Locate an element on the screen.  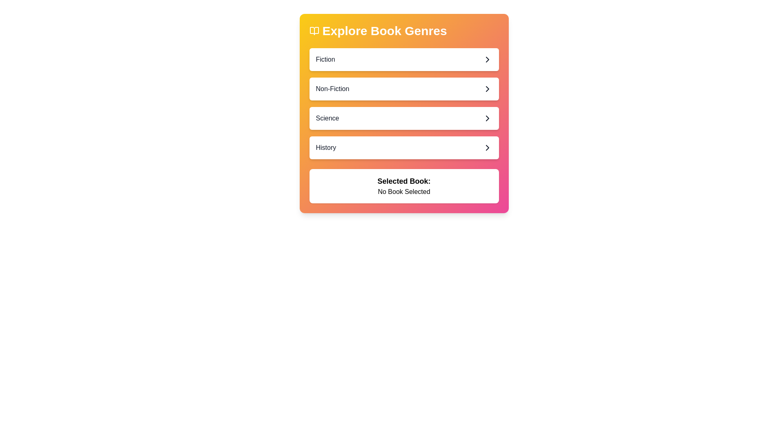
the fourth chevron icon in the vertical list within the 'Explore Book Genres' interface, located to the far-right of the 'History' row is located at coordinates (487, 148).